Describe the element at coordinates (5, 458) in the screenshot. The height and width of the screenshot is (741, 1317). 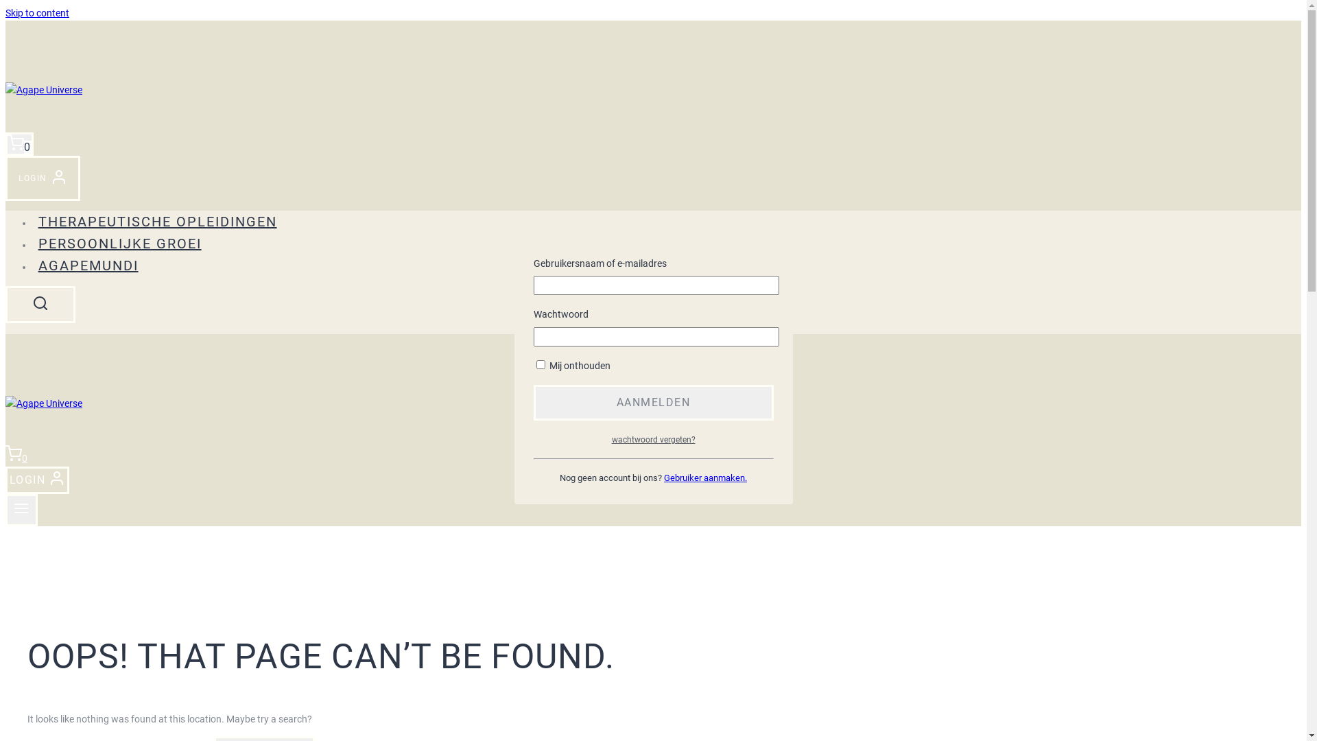
I see `'Mandje 0'` at that location.